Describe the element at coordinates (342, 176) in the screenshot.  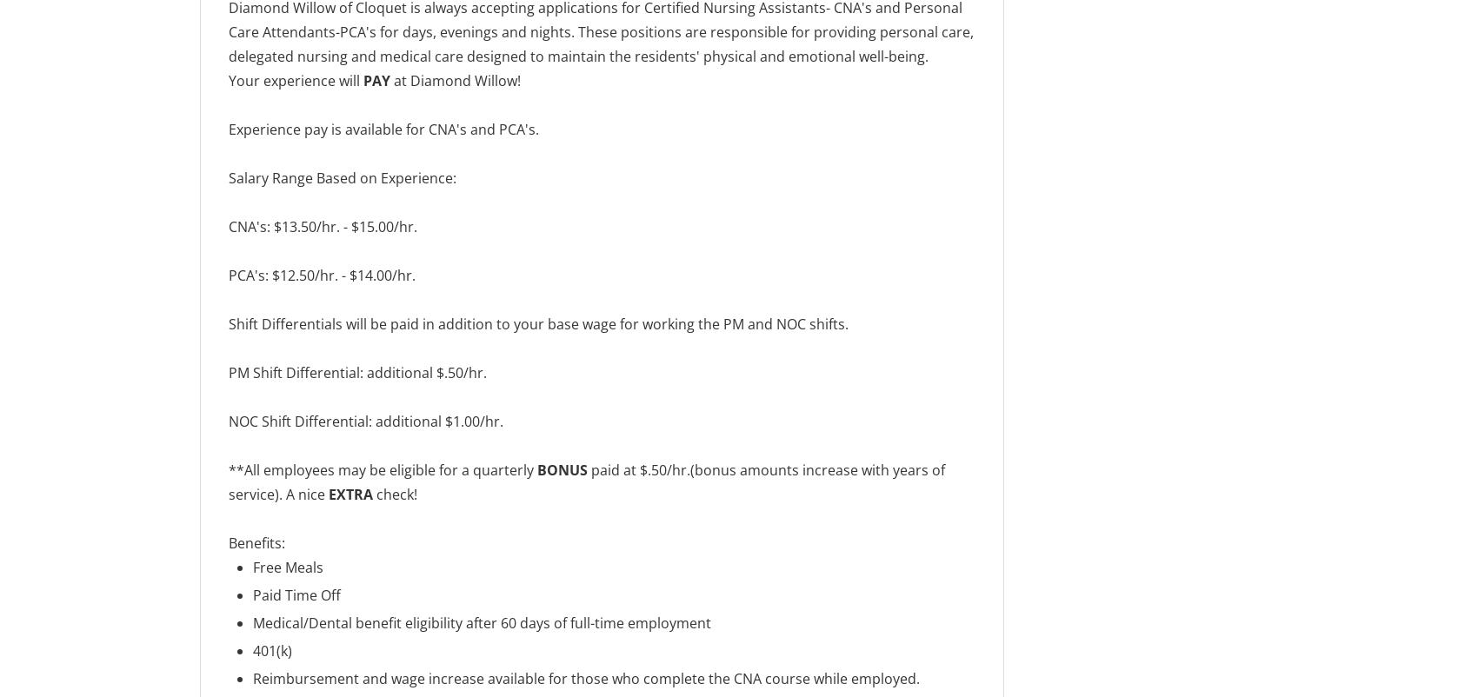
I see `'Salary Range Based on Experience:'` at that location.